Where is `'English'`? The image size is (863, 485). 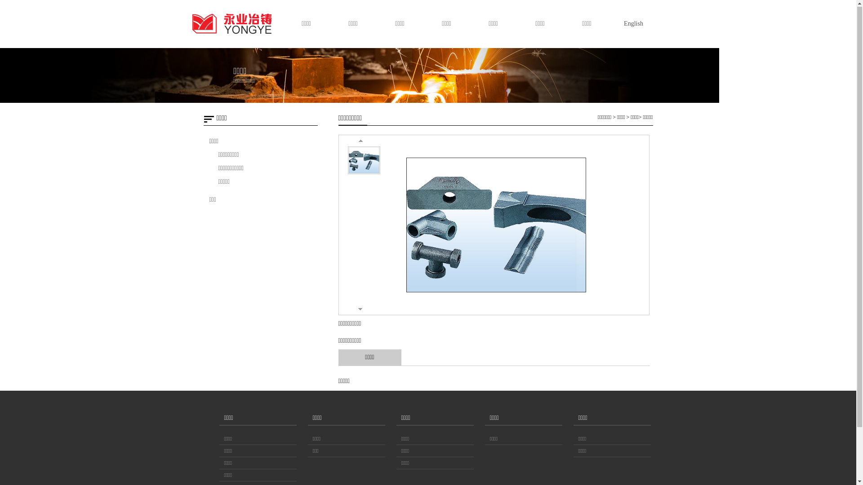 'English' is located at coordinates (633, 24).